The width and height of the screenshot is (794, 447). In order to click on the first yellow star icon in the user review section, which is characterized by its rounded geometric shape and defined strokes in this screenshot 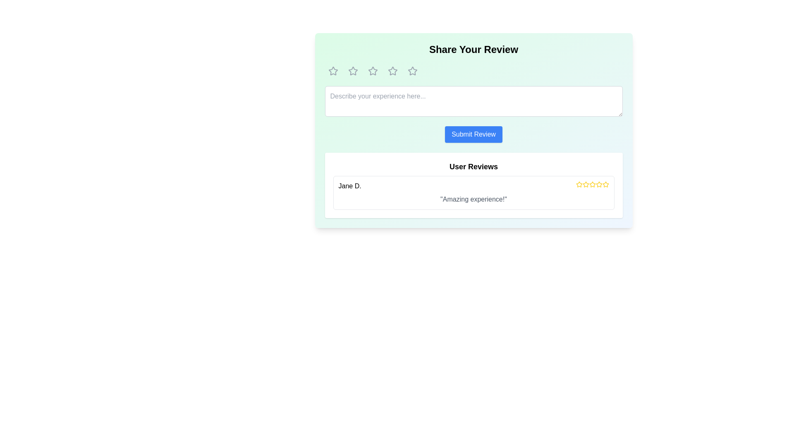, I will do `click(579, 184)`.